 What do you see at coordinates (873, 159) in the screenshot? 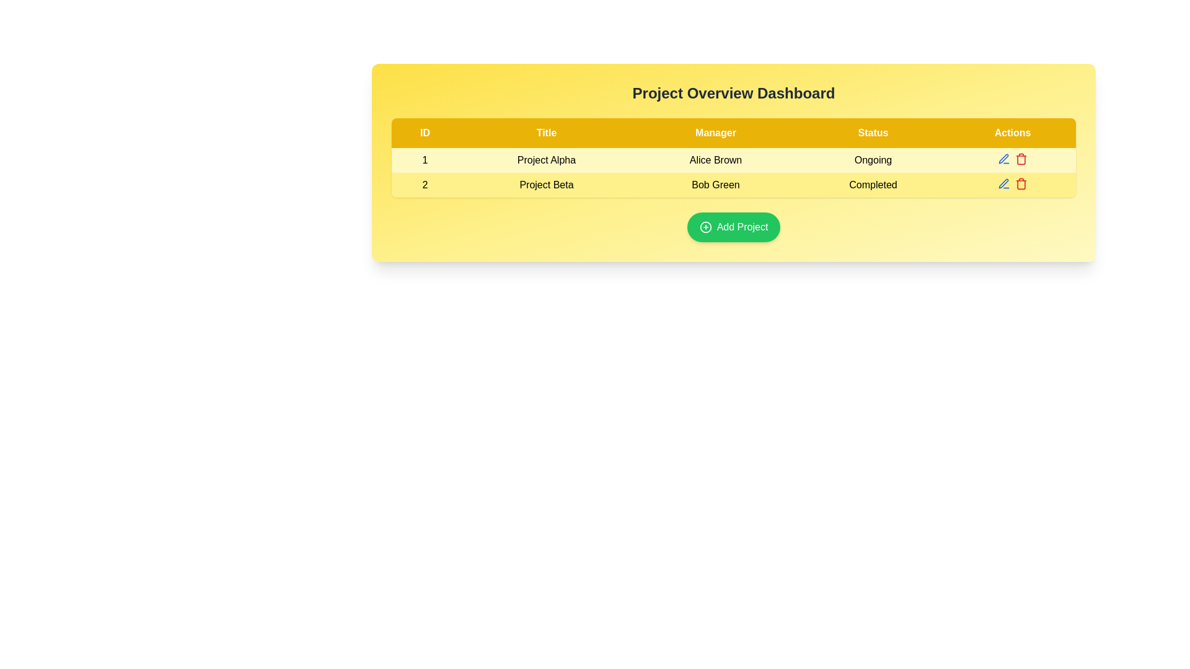
I see `the 'Ongoing' text label in the 'Status' column of the second row in the project information table` at bounding box center [873, 159].